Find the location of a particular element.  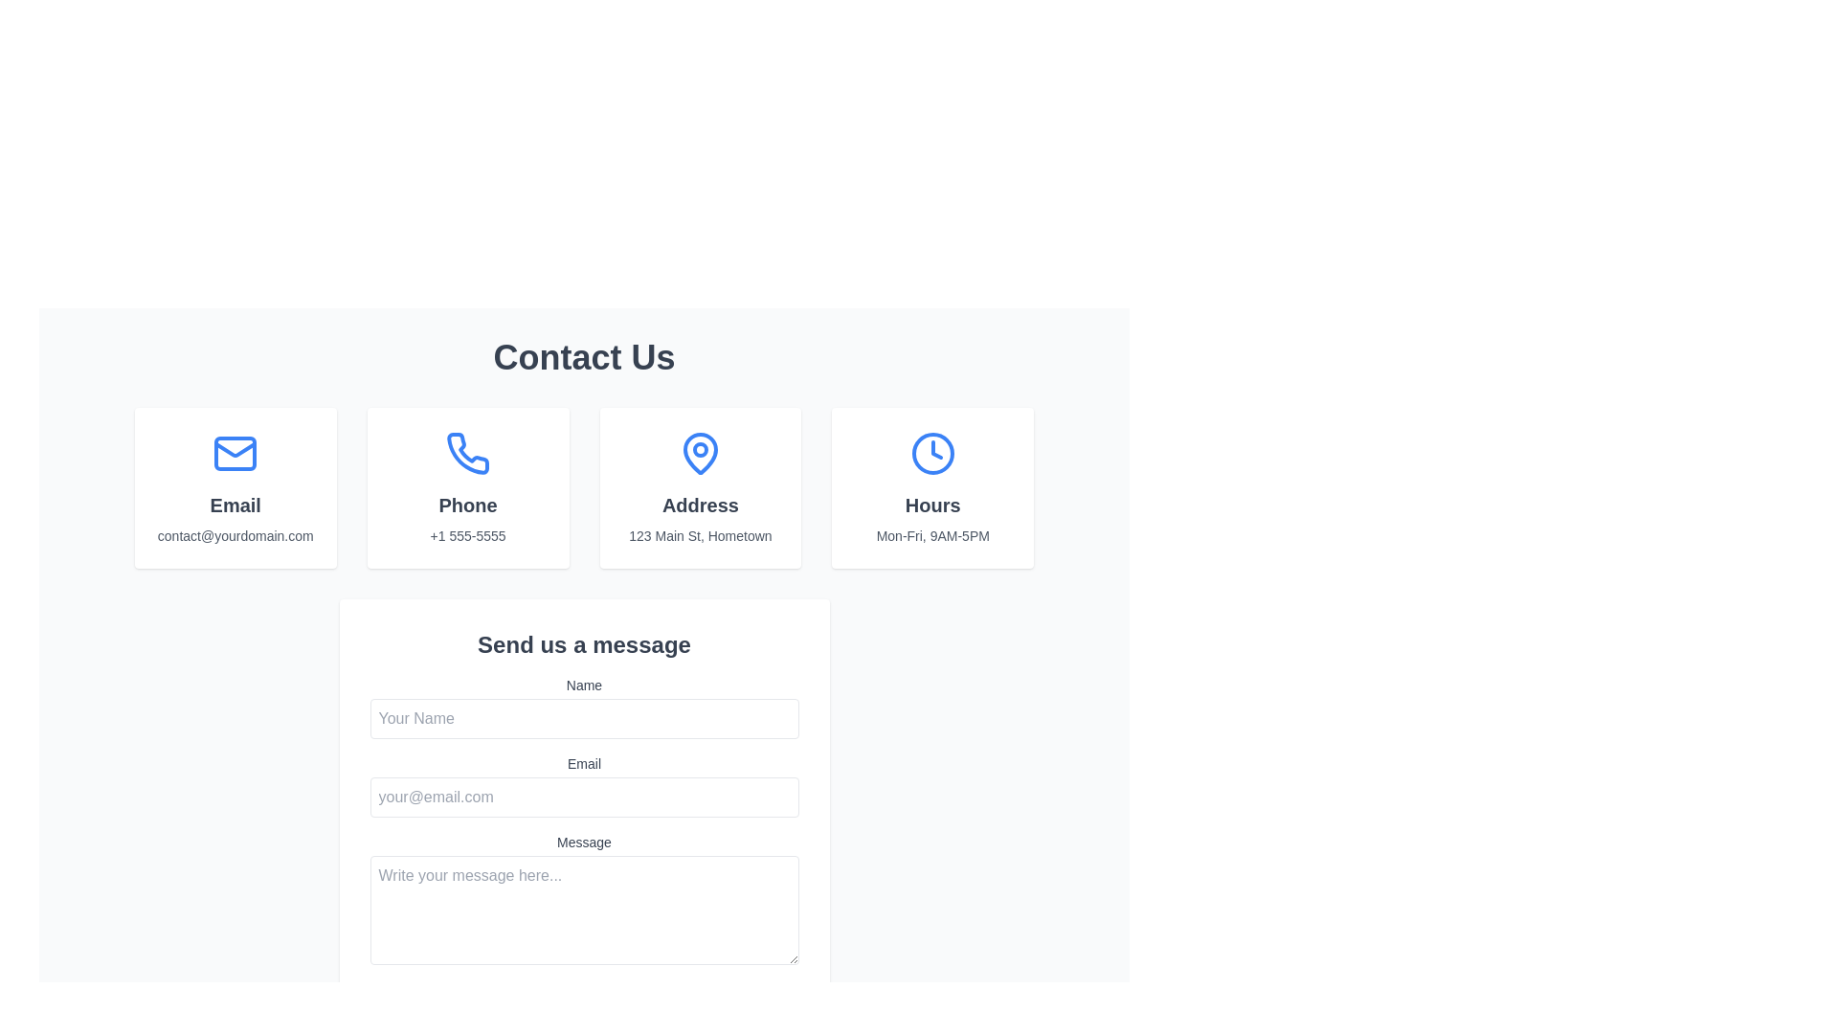

text displaying 'Mon-Fri, 9AM-5PM' located below the 'Hours' header and associated with a clock icon is located at coordinates (932, 535).